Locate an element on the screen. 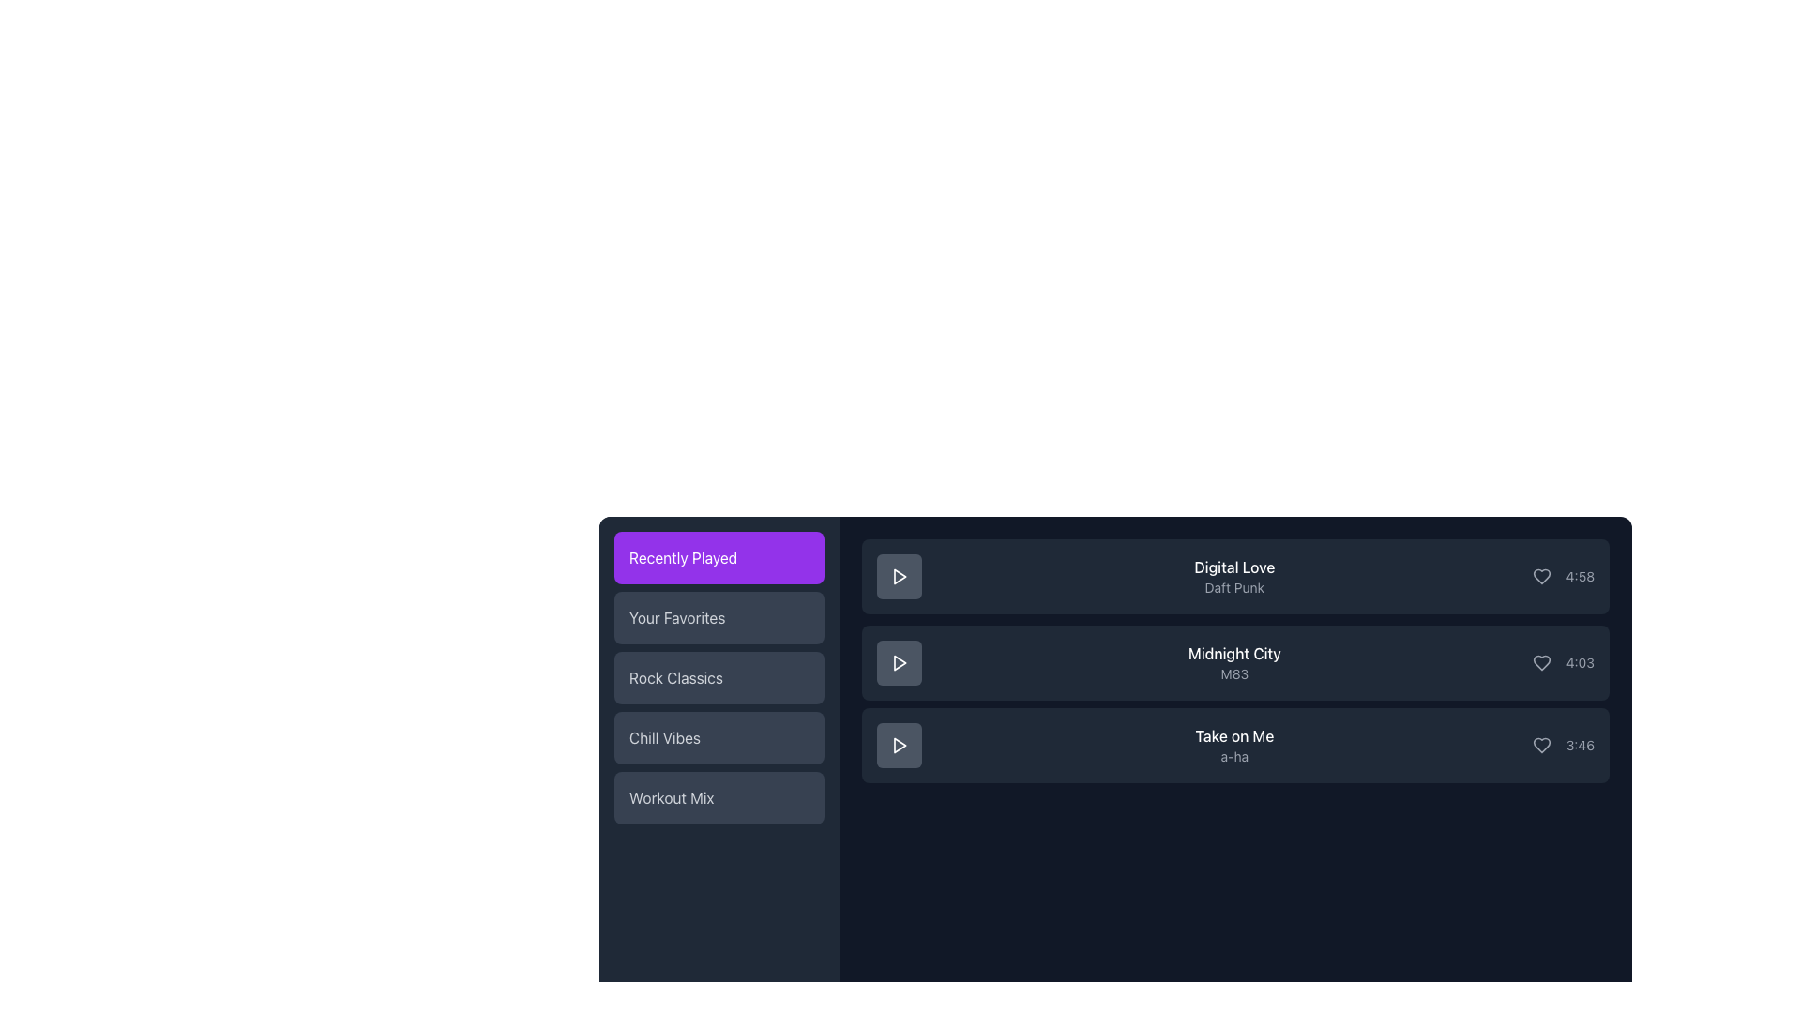  the small rectangular button with rounded corners featuring a dark gray background and a white triangular play icon, located to the left of the text 'Midnight City' and 'M83' in the second row of the song entries list is located at coordinates (899, 661).